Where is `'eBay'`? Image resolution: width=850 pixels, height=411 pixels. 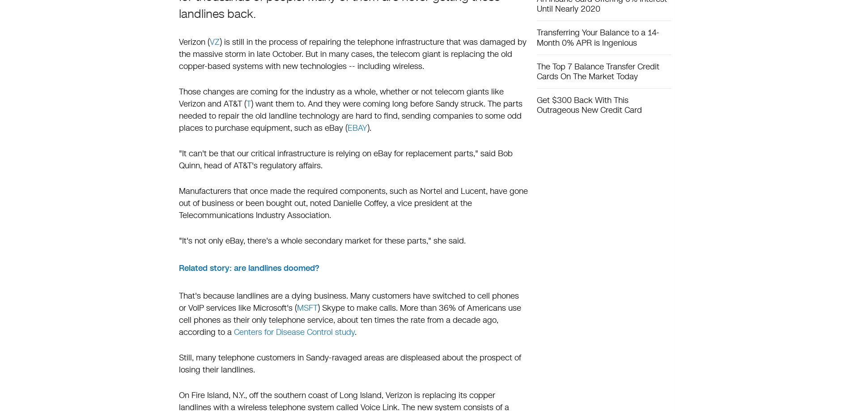
'eBay' is located at coordinates (333, 127).